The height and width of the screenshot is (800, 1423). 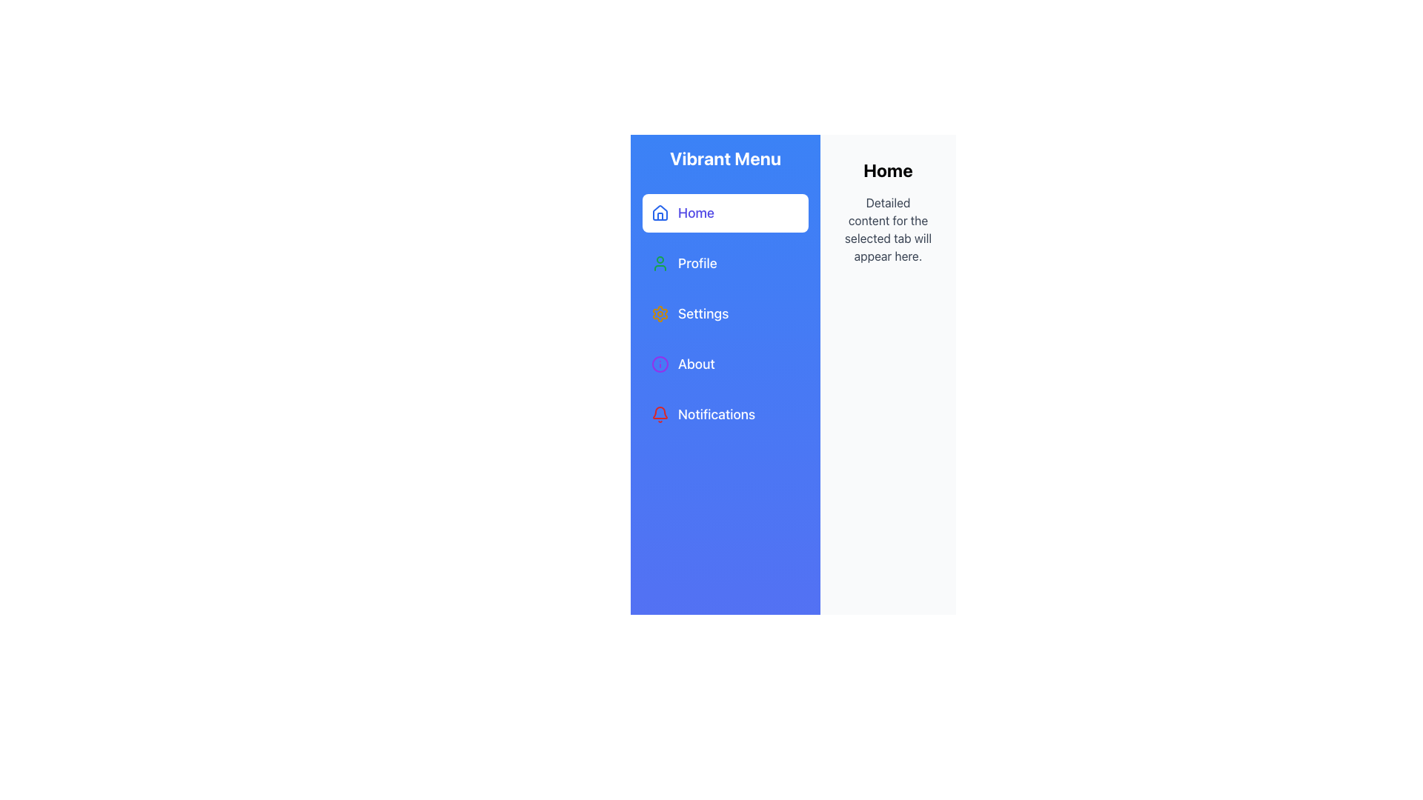 I want to click on the text label that serves as a title or heading for the content displayed in the right panel, located near the top of the right-side panel, so click(x=888, y=170).